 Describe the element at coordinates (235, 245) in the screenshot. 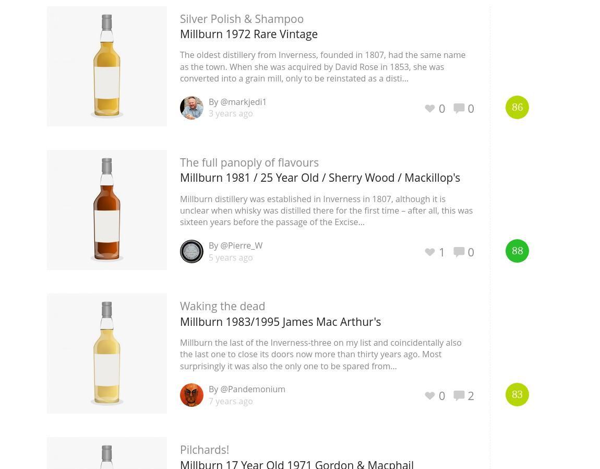

I see `'By @Pierre_W'` at that location.